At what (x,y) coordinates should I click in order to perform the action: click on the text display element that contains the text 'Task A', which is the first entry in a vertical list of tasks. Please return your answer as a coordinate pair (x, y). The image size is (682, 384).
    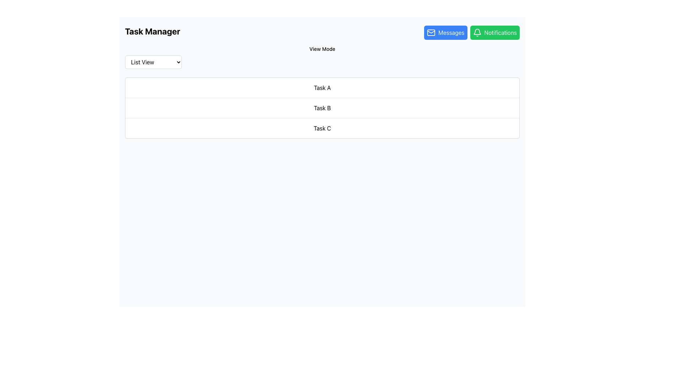
    Looking at the image, I should click on (322, 87).